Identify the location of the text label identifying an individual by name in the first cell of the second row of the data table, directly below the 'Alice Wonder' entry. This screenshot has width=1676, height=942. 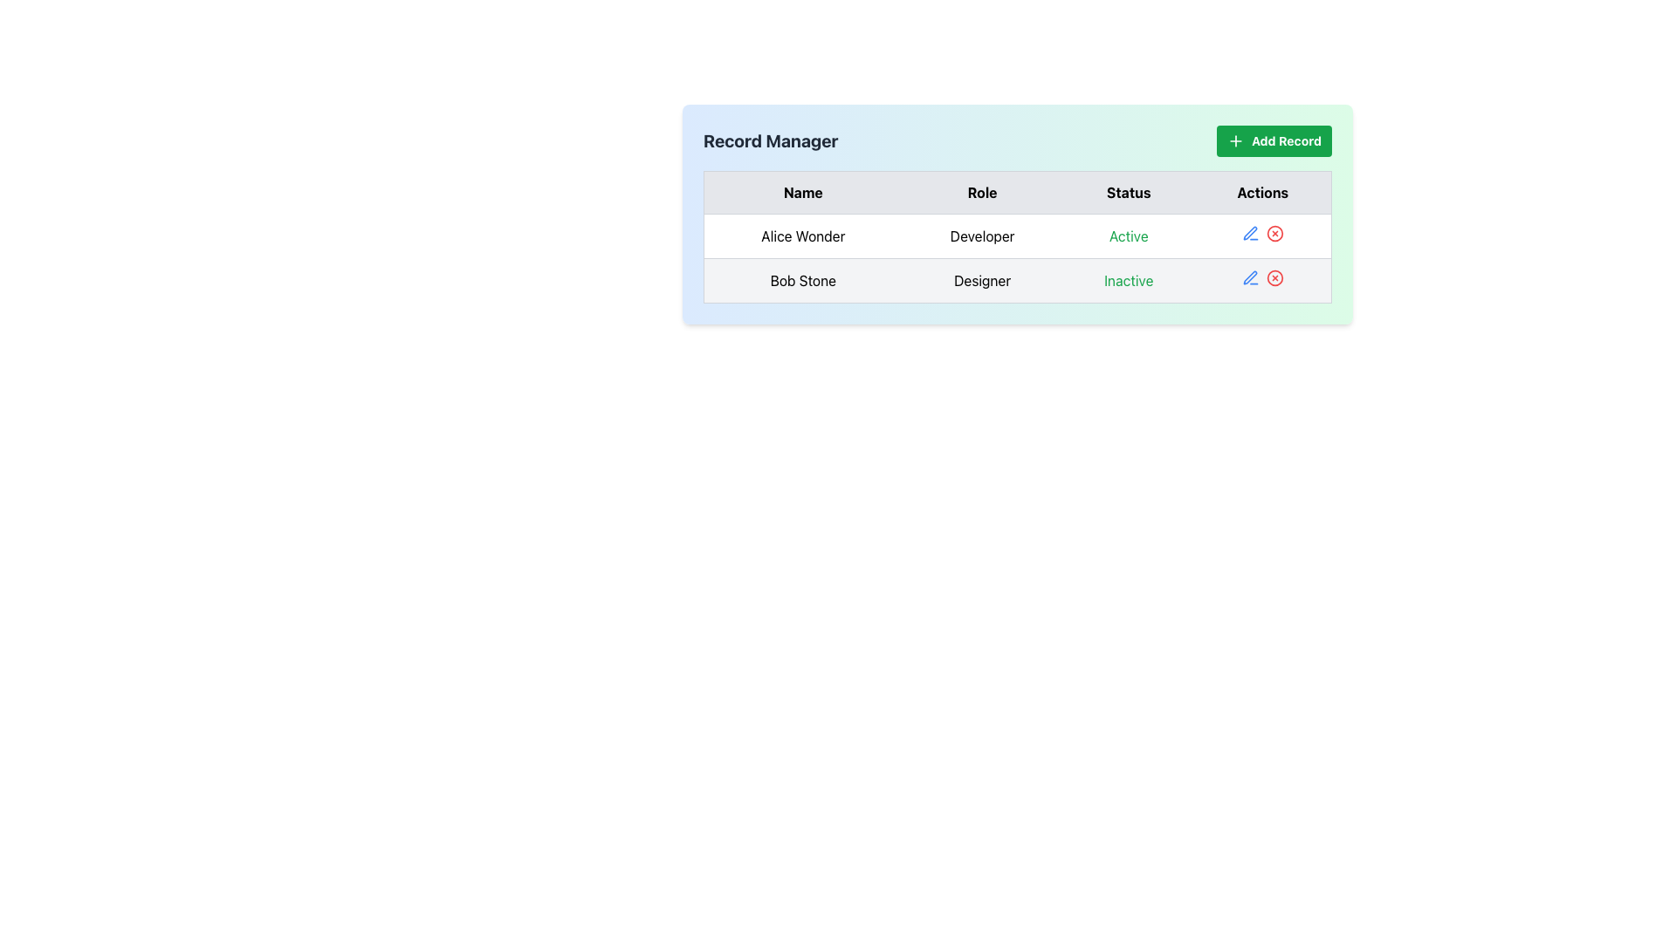
(802, 279).